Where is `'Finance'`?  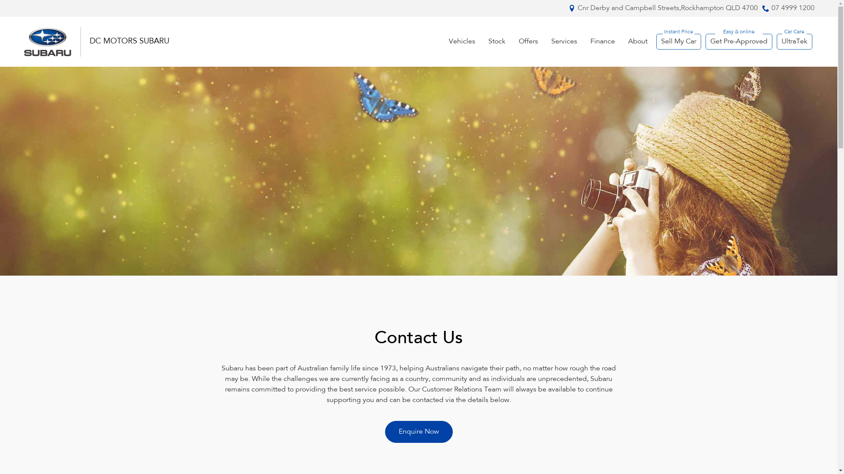 'Finance' is located at coordinates (602, 42).